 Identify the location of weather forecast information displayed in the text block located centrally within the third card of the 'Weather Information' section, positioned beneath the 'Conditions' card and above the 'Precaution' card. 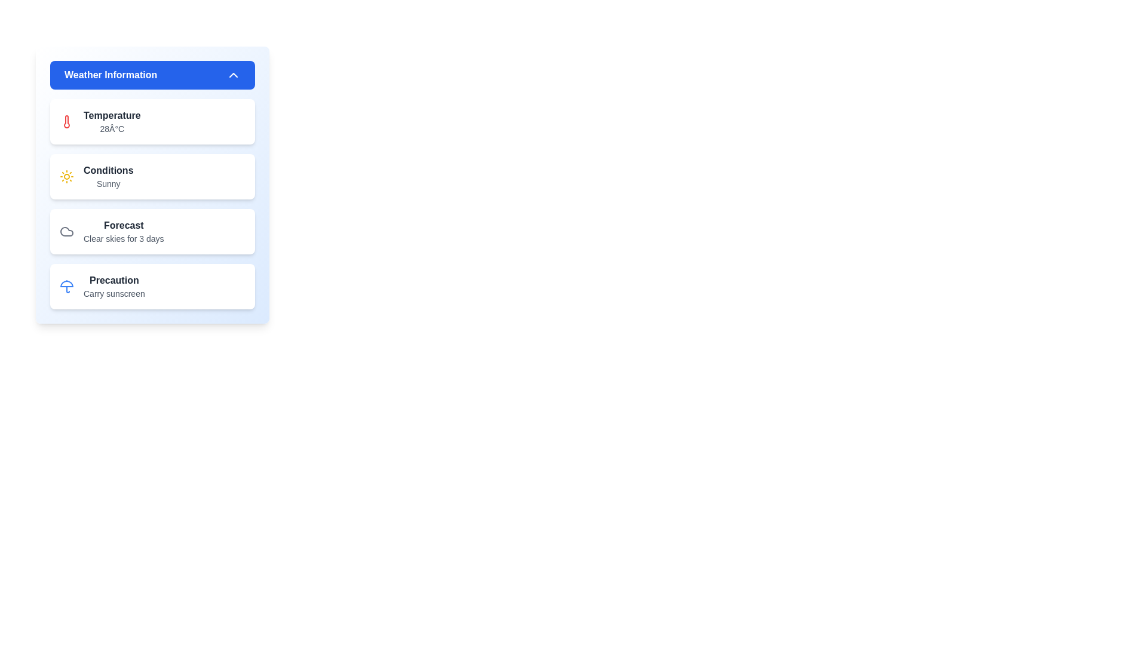
(124, 232).